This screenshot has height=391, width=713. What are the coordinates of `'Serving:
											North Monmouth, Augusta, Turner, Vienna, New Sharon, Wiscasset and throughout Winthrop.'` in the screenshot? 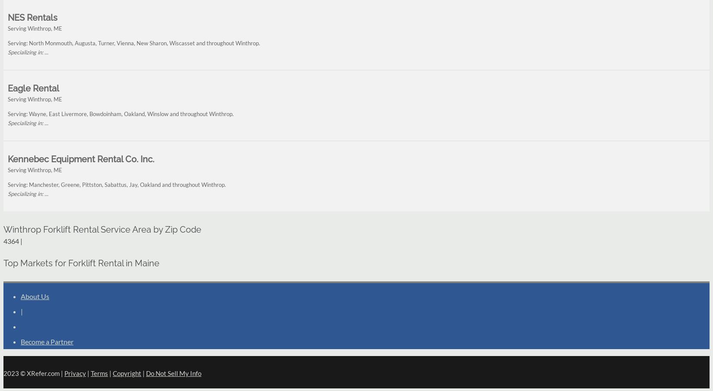 It's located at (134, 43).